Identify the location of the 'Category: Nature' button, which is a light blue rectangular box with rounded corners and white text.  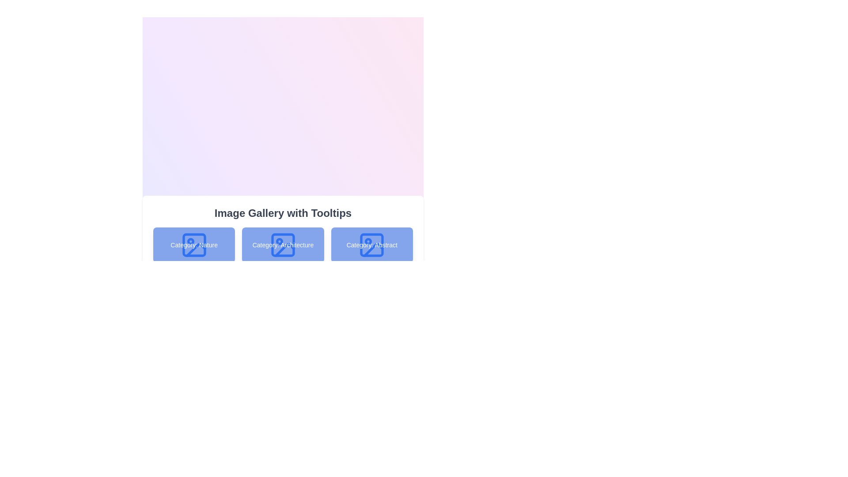
(193, 245).